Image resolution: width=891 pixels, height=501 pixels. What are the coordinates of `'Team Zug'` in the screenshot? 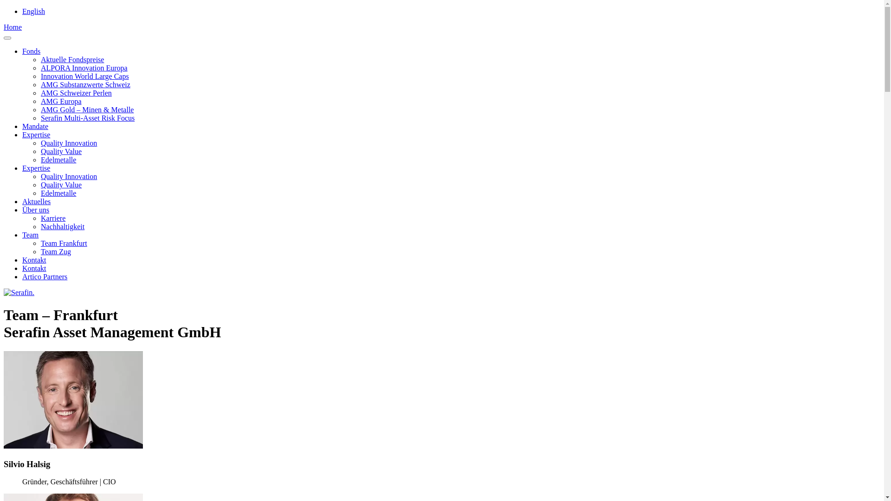 It's located at (55, 251).